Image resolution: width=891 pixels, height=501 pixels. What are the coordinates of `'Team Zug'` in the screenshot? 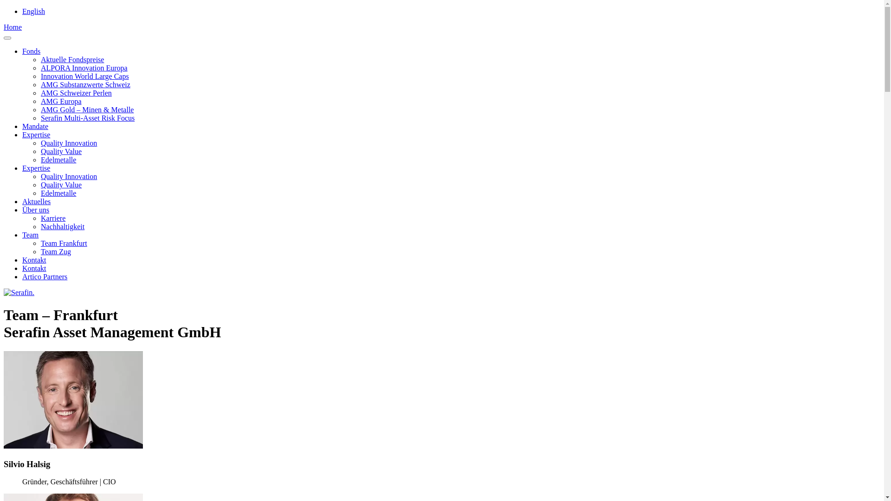 It's located at (55, 251).